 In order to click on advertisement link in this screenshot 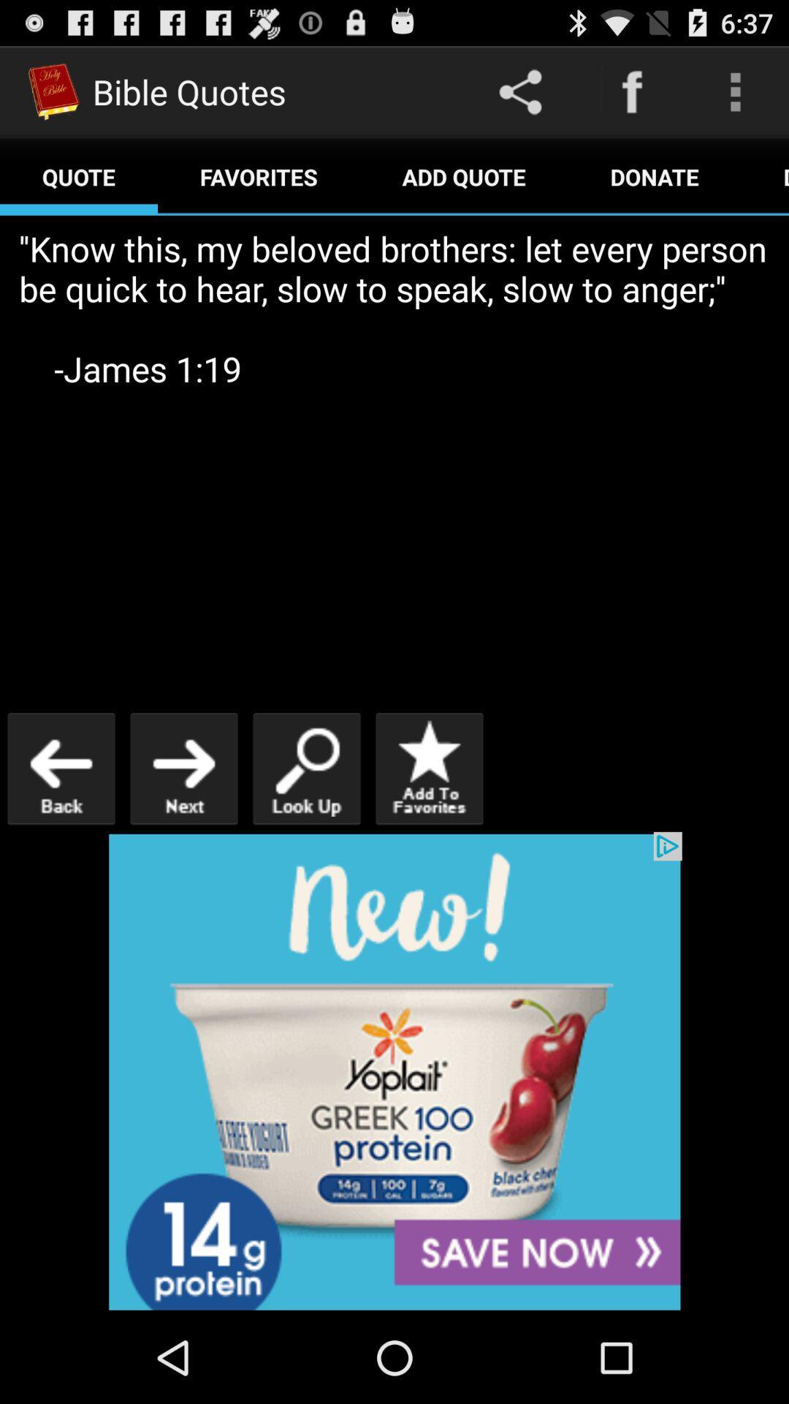, I will do `click(394, 1071)`.